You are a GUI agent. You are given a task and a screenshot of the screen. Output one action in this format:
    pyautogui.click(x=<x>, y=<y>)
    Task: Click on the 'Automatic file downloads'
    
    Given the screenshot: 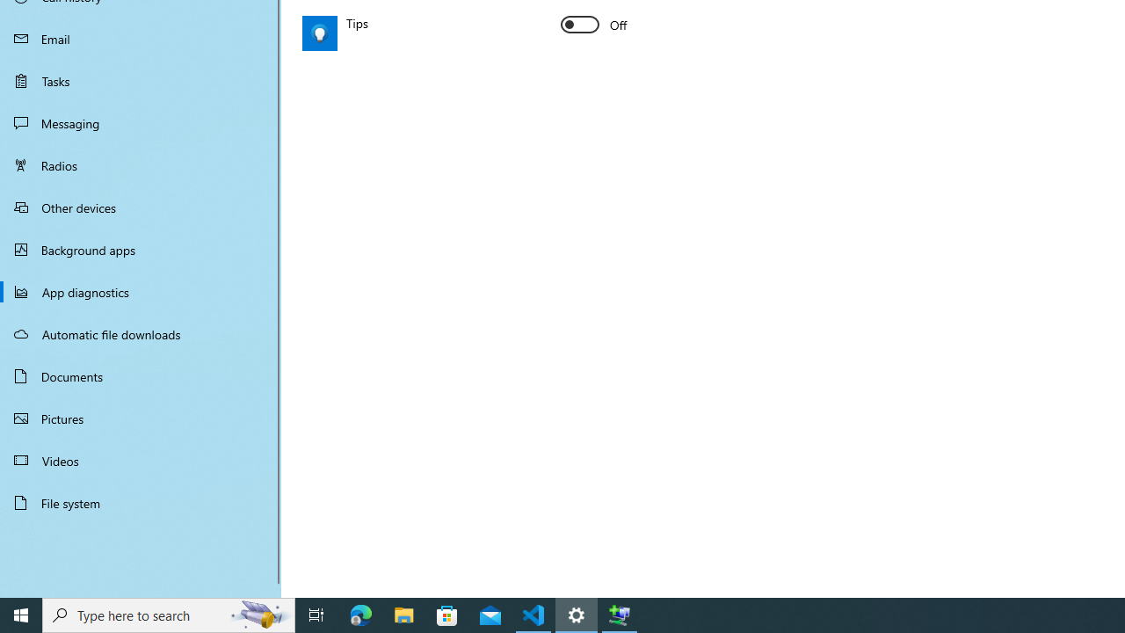 What is the action you would take?
    pyautogui.click(x=141, y=333)
    